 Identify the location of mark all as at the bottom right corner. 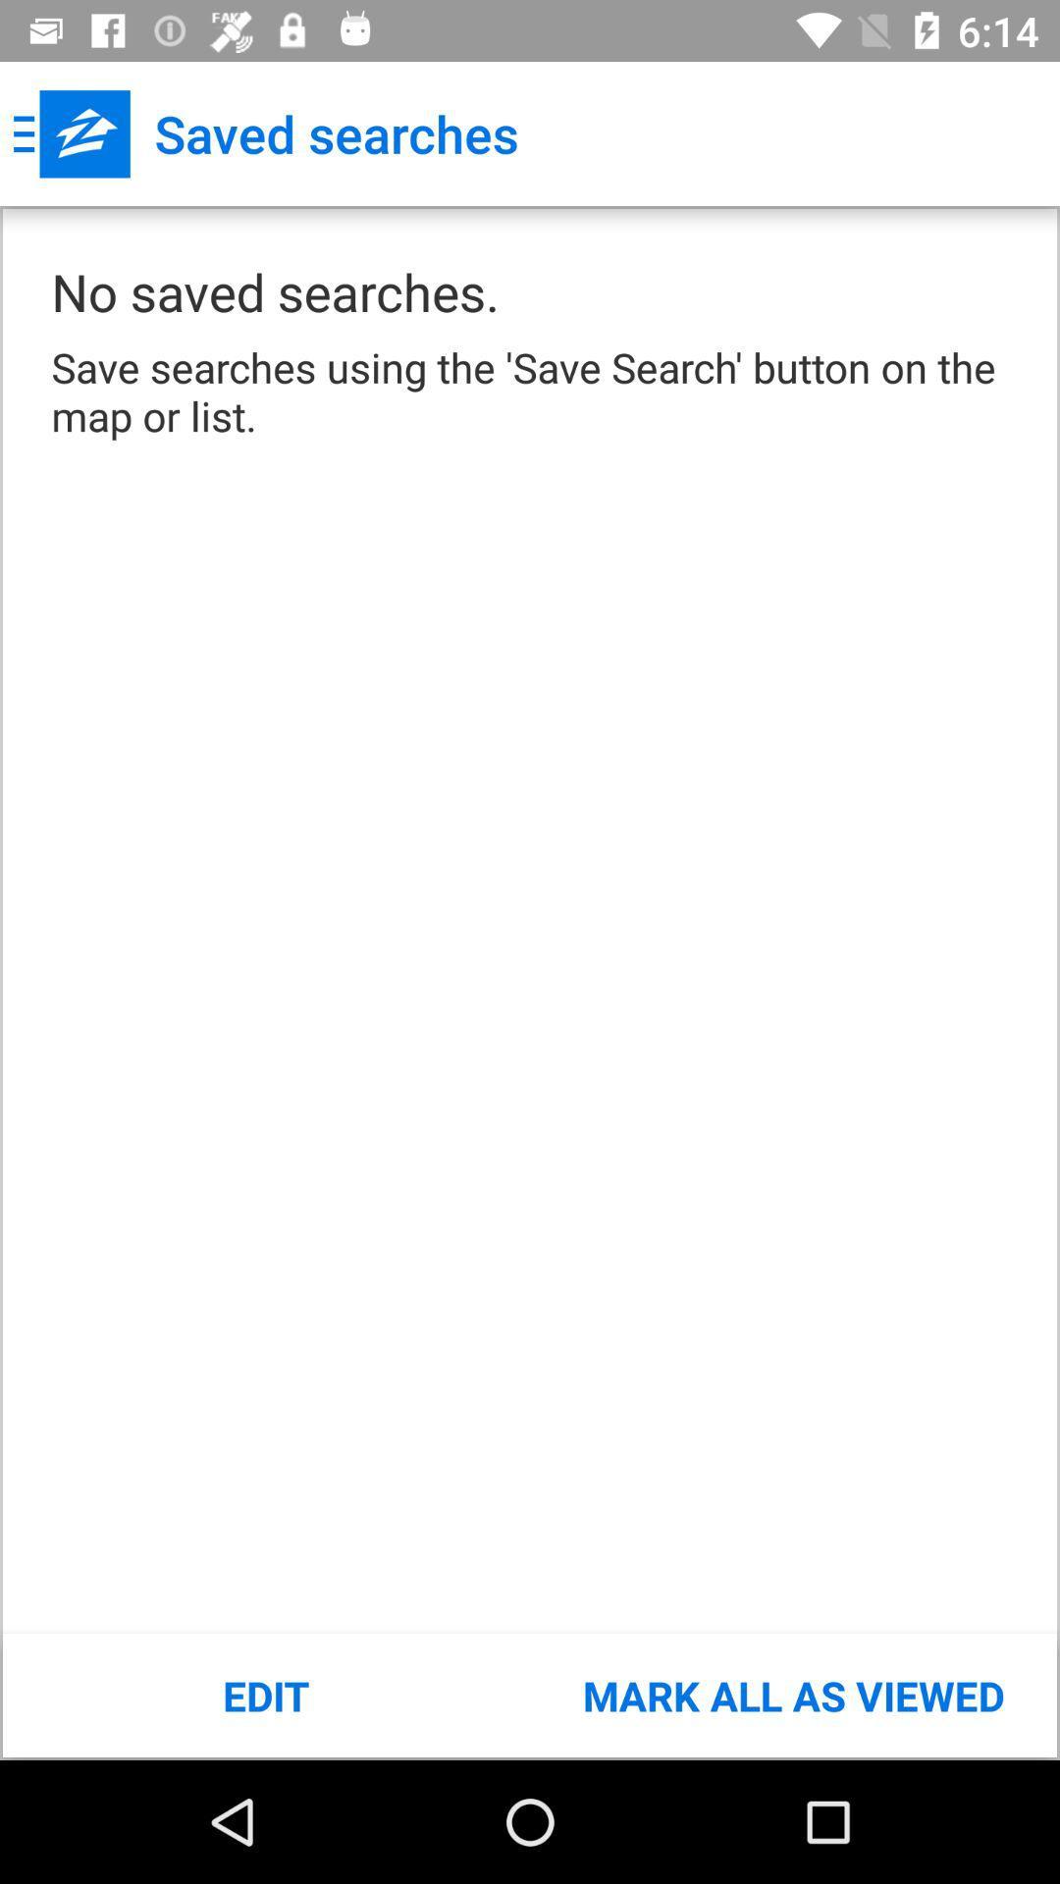
(792, 1695).